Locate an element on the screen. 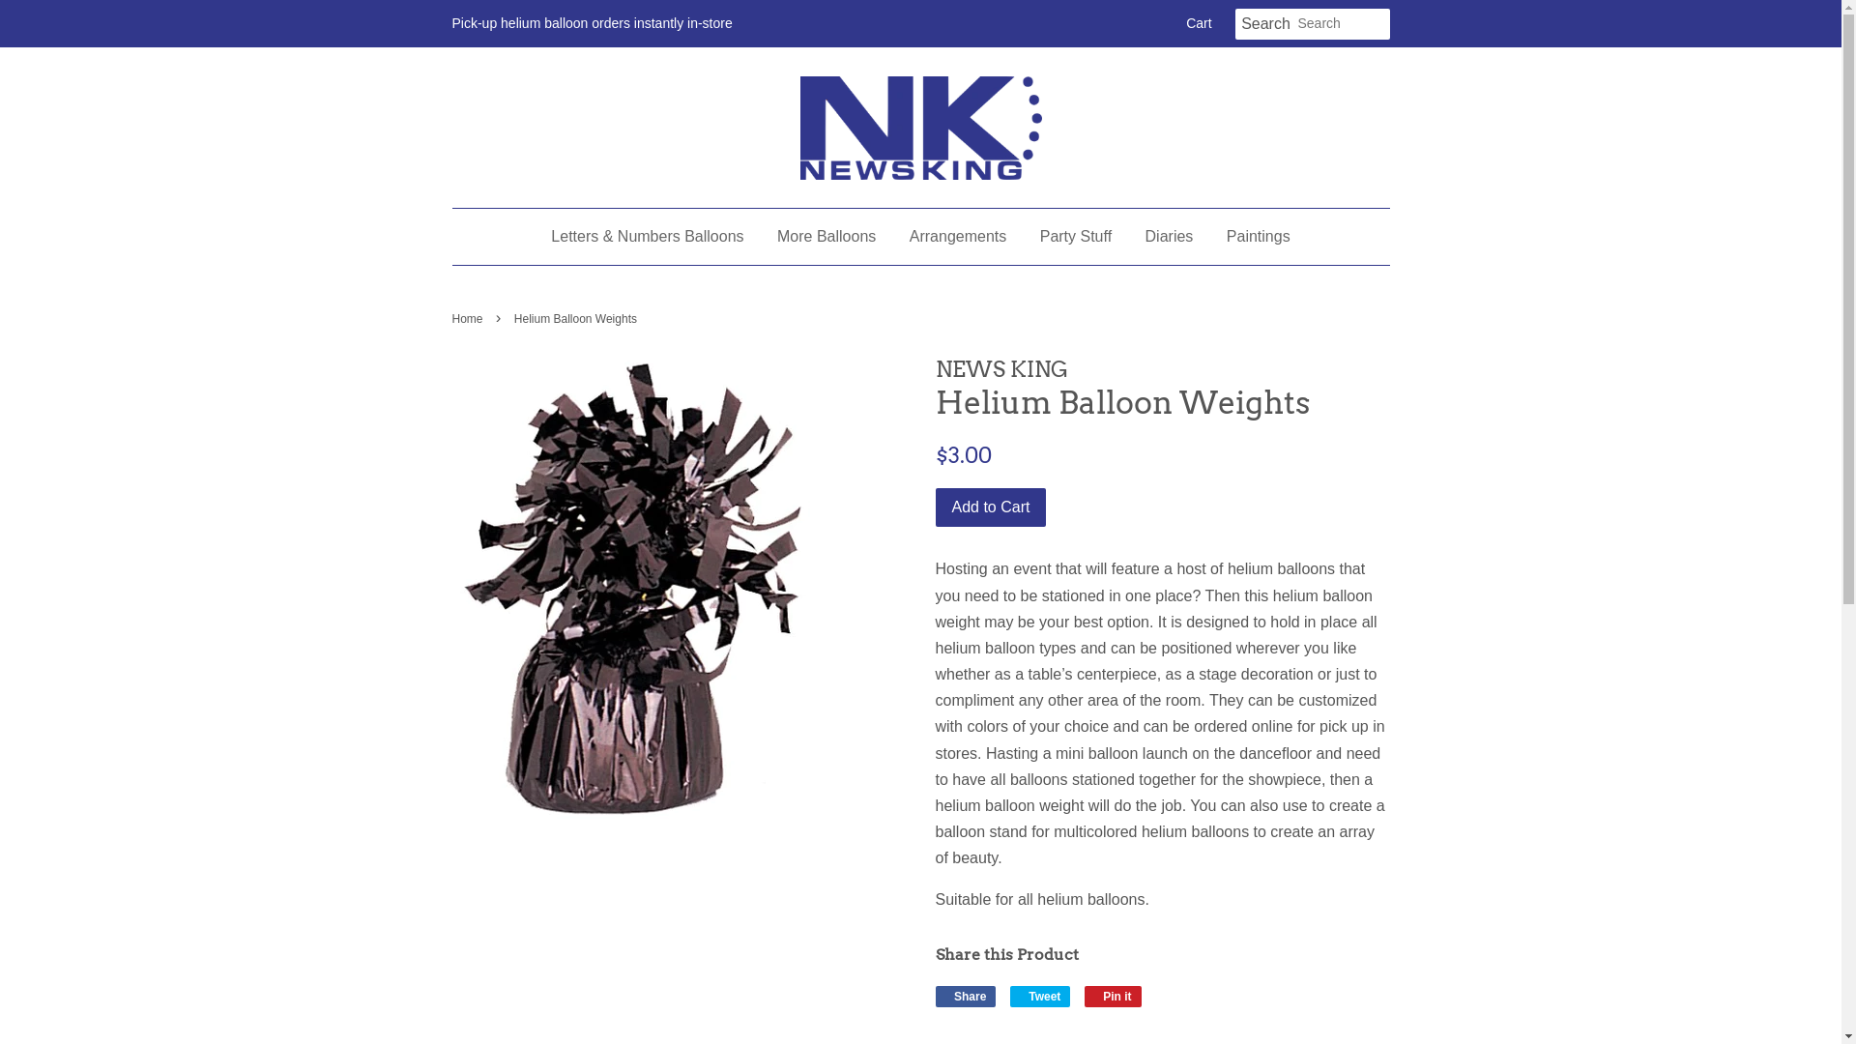 The image size is (1856, 1044). 'Share is located at coordinates (966, 996).